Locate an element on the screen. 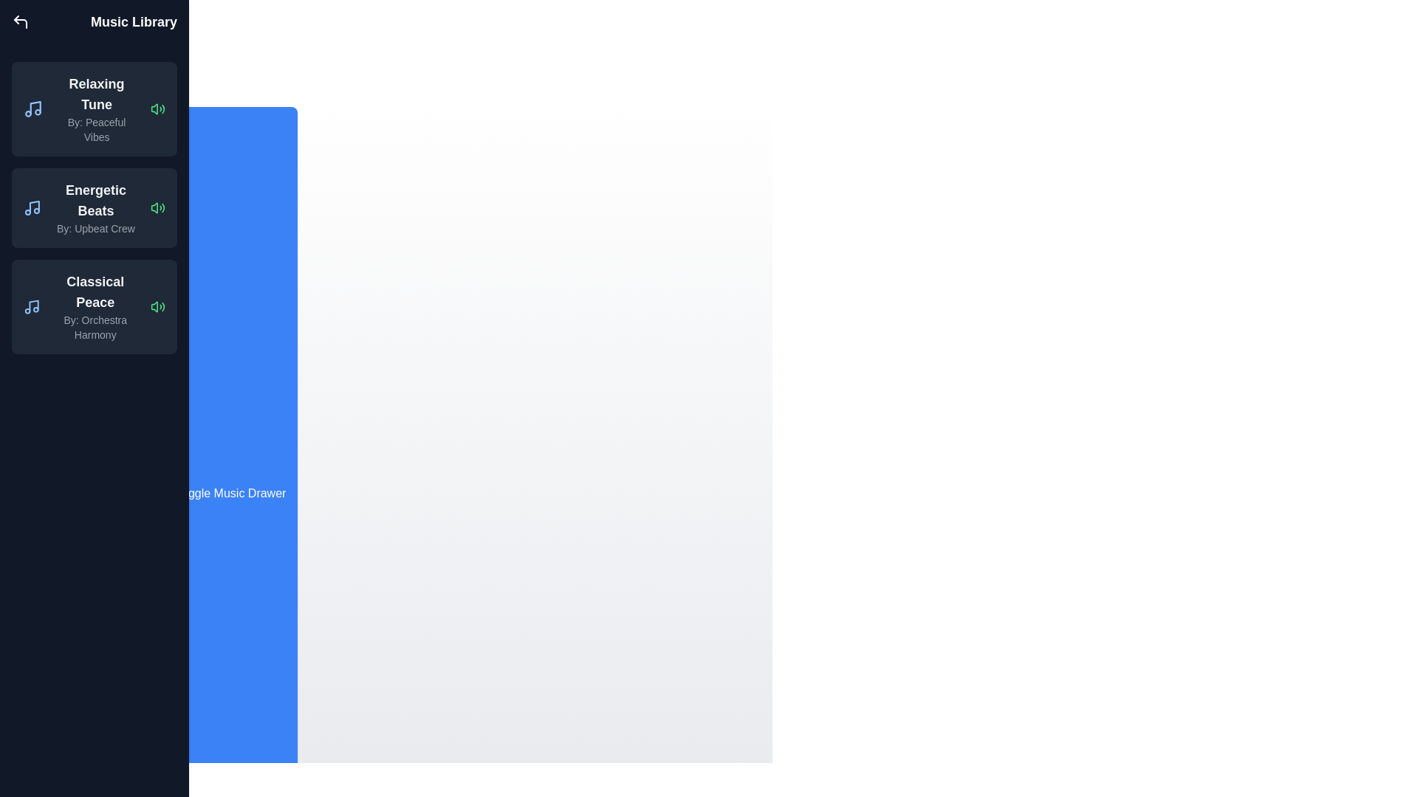 The width and height of the screenshot is (1418, 797). the track Relaxing Tune from the list is located at coordinates (158, 108).